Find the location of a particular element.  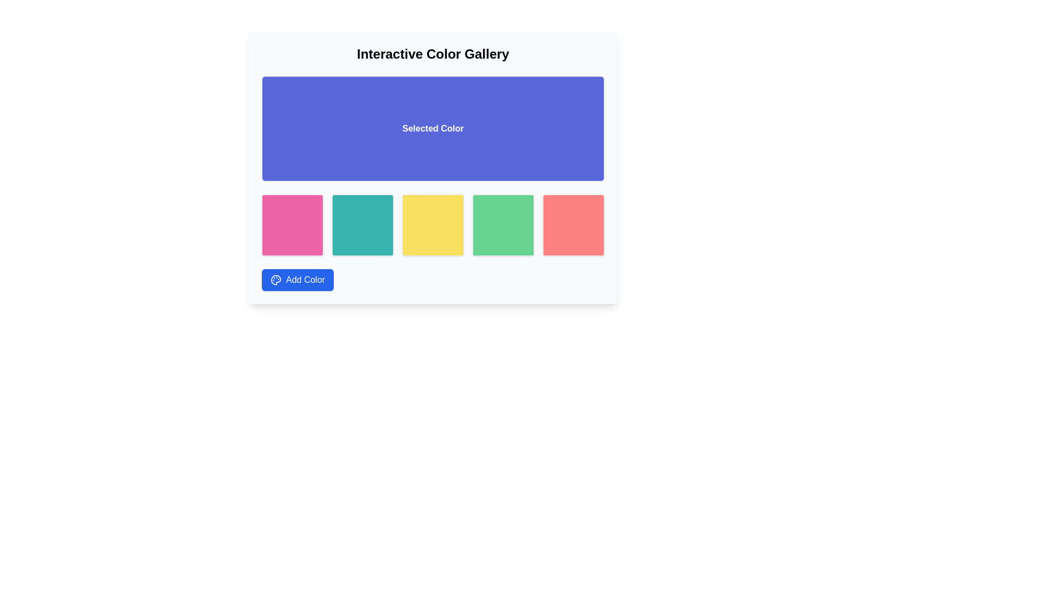

the bright red button-like visual element with rounded edges located at the bottom-right corner of the grid structure is located at coordinates (573, 225).